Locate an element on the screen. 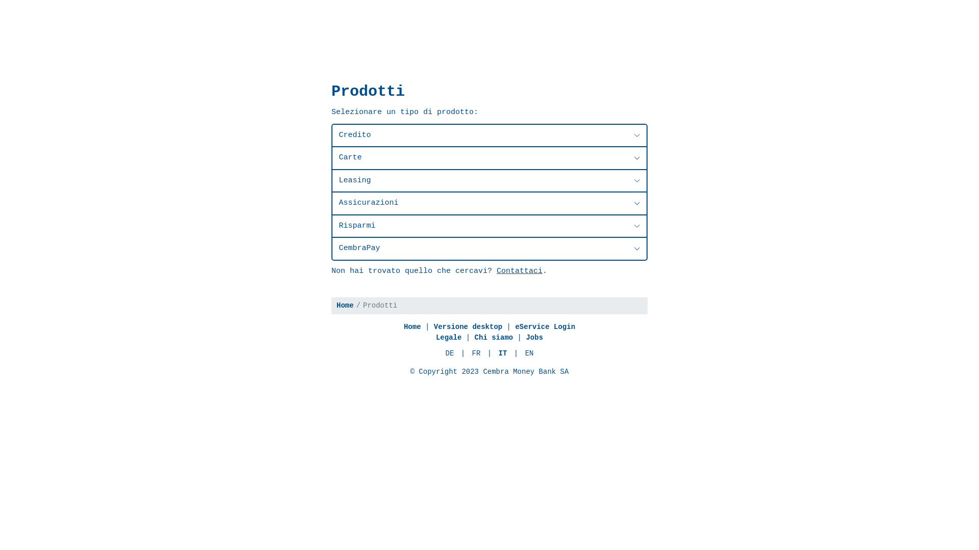  'IT' is located at coordinates (503, 353).